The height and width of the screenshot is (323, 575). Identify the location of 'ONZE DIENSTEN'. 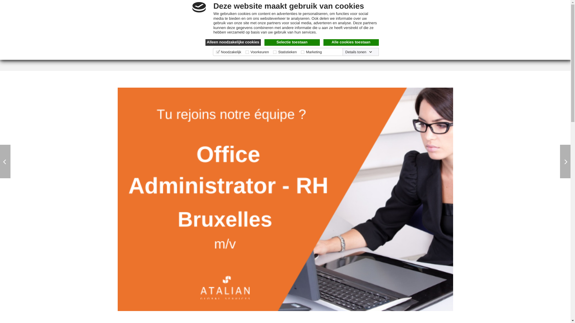
(265, 44).